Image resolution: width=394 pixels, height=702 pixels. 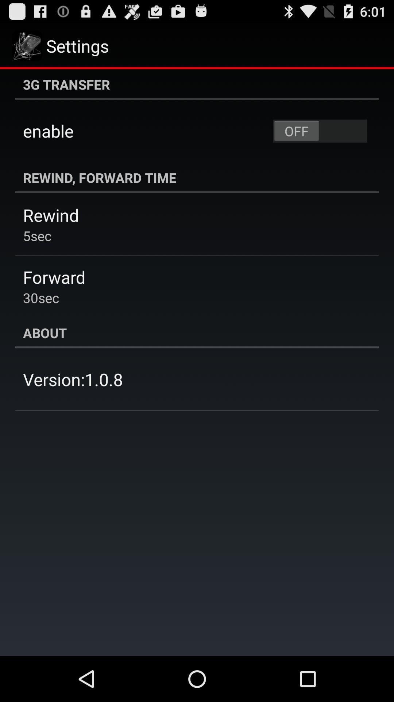 I want to click on icon at the top right corner, so click(x=320, y=131).